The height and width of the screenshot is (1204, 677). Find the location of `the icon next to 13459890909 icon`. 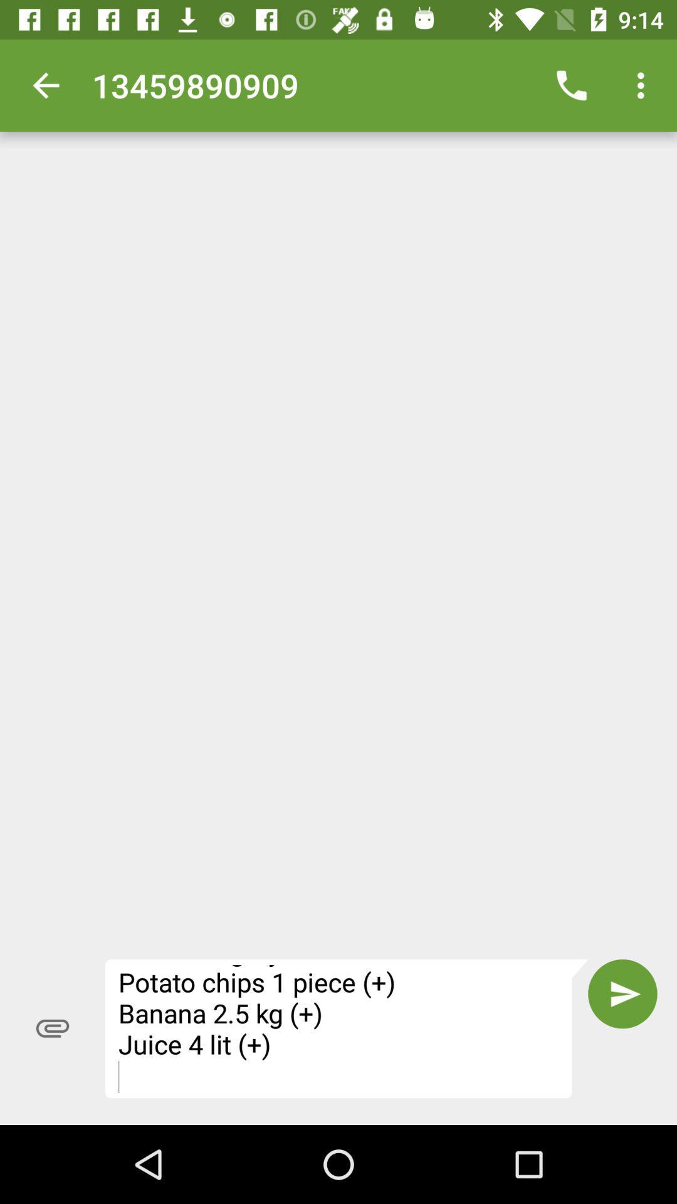

the icon next to 13459890909 icon is located at coordinates (571, 85).